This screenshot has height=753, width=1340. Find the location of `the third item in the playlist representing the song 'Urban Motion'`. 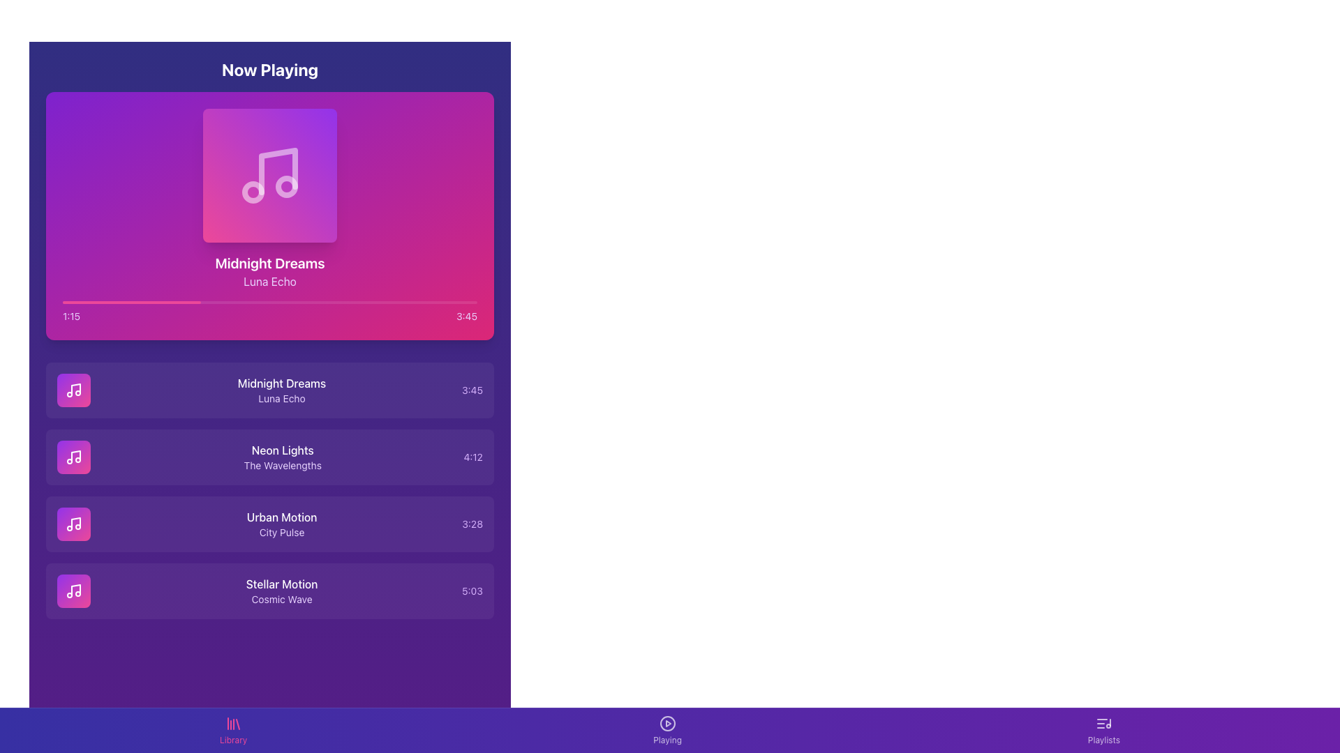

the third item in the playlist representing the song 'Urban Motion' is located at coordinates (270, 524).